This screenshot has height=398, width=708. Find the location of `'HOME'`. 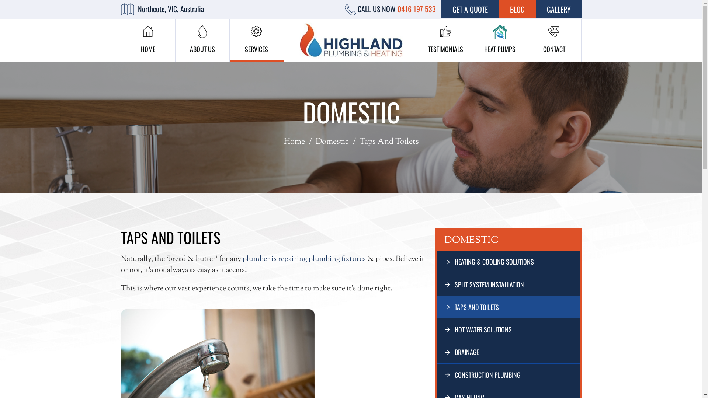

'HOME' is located at coordinates (147, 41).